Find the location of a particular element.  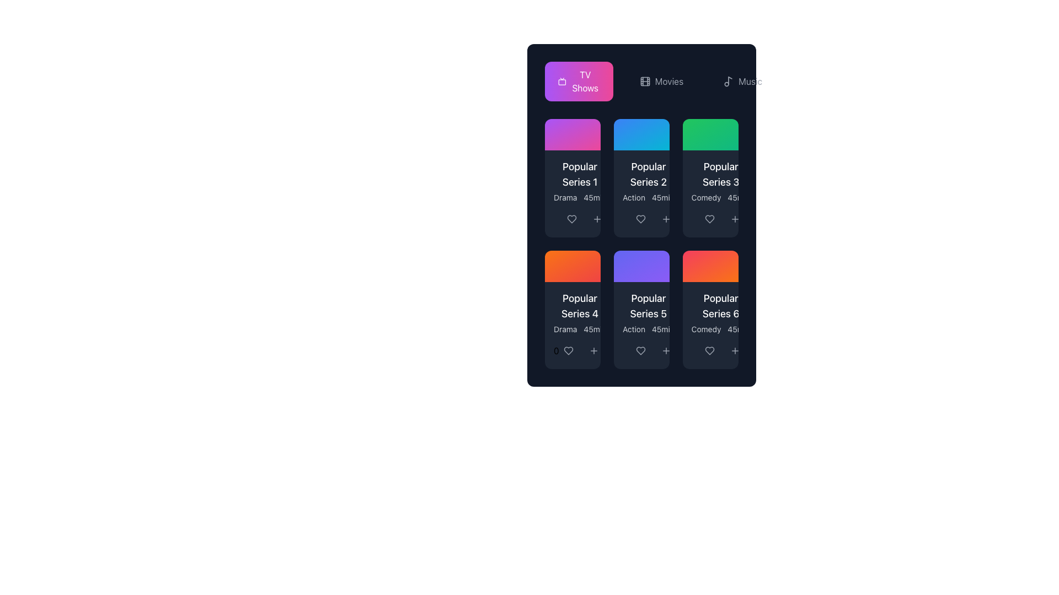

the Music icon located in the top navigation bar, which serves as a button for accessing the Music section of the application is located at coordinates (729, 80).